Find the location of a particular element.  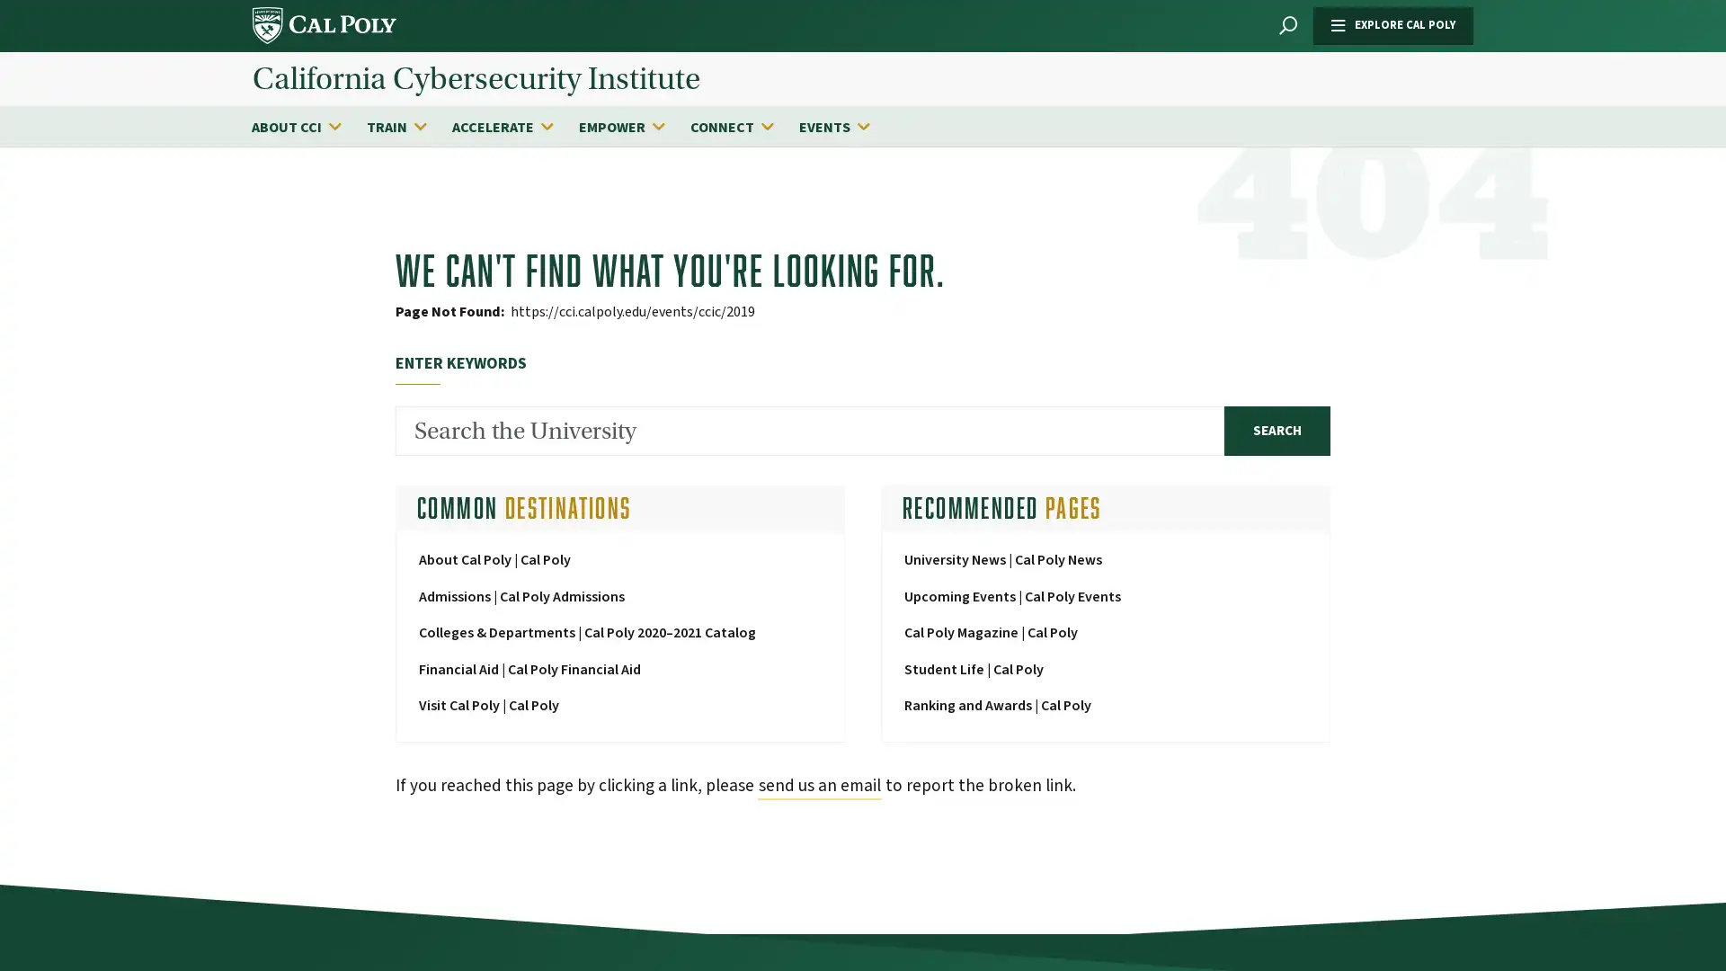

Search is located at coordinates (1276, 430).